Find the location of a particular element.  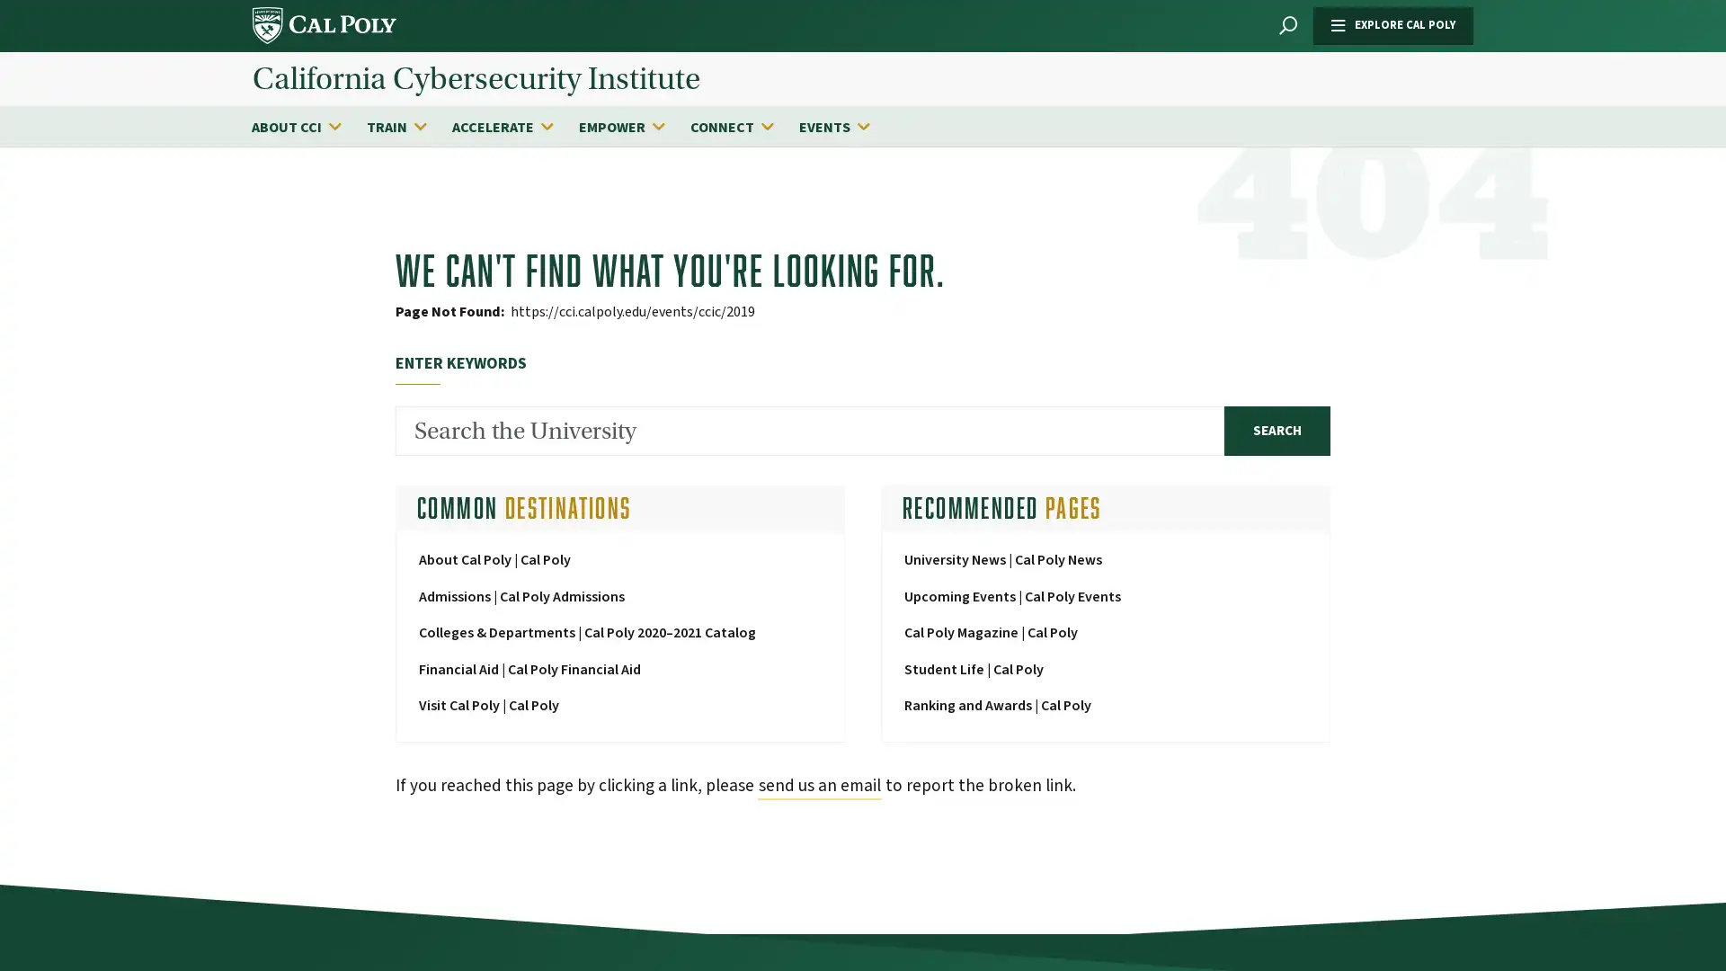

Search is located at coordinates (1276, 430).